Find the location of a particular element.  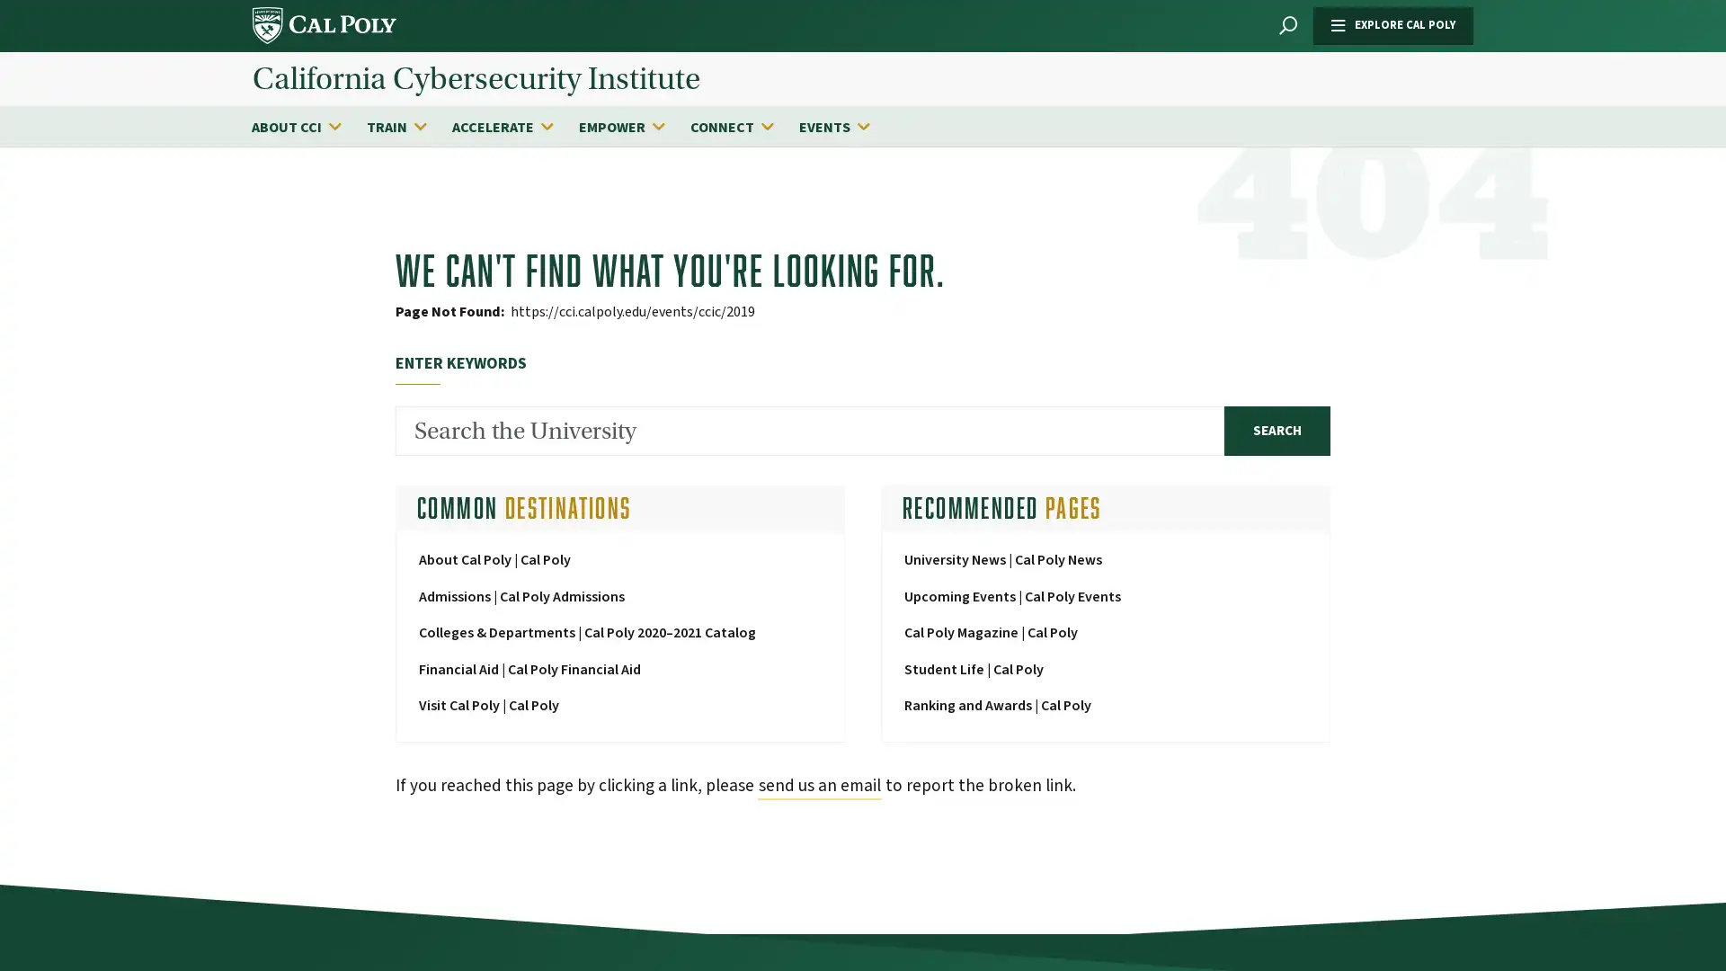

Search is located at coordinates (1276, 430).